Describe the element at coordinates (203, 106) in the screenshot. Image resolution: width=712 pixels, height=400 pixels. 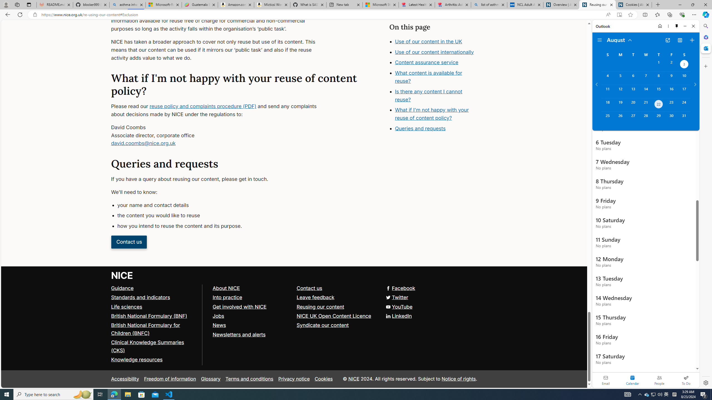
I see `'reuse policy and complaints procedure (PDF)'` at that location.